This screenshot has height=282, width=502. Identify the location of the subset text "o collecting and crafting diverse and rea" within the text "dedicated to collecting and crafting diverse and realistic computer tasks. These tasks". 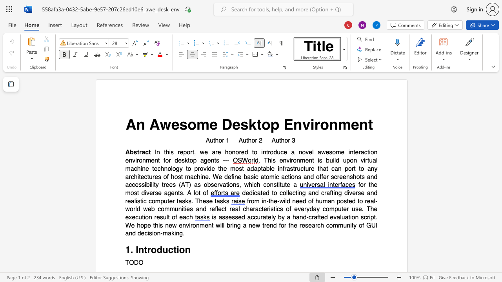
(273, 193).